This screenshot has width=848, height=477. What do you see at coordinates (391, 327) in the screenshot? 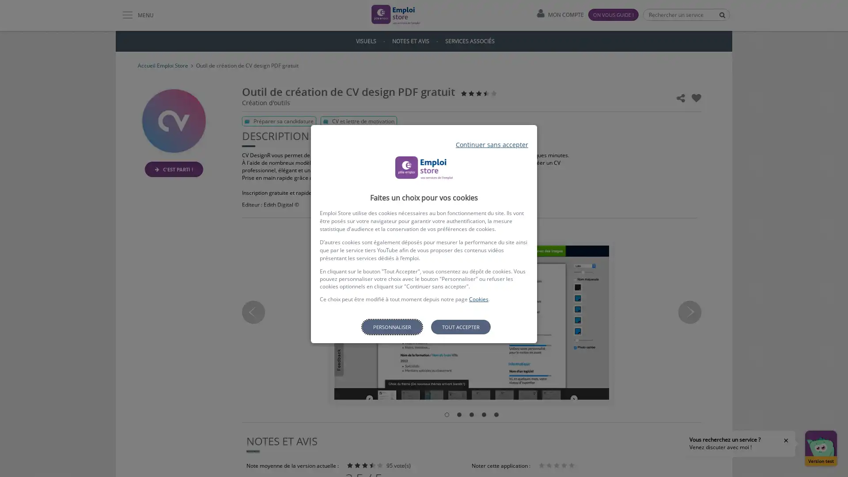
I see `Personnaliser les parametres de confidentialite` at bounding box center [391, 327].